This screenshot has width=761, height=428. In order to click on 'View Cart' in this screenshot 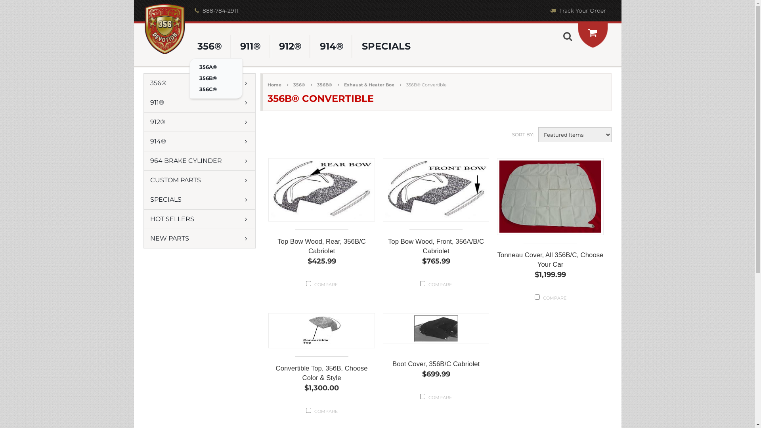, I will do `click(592, 32)`.